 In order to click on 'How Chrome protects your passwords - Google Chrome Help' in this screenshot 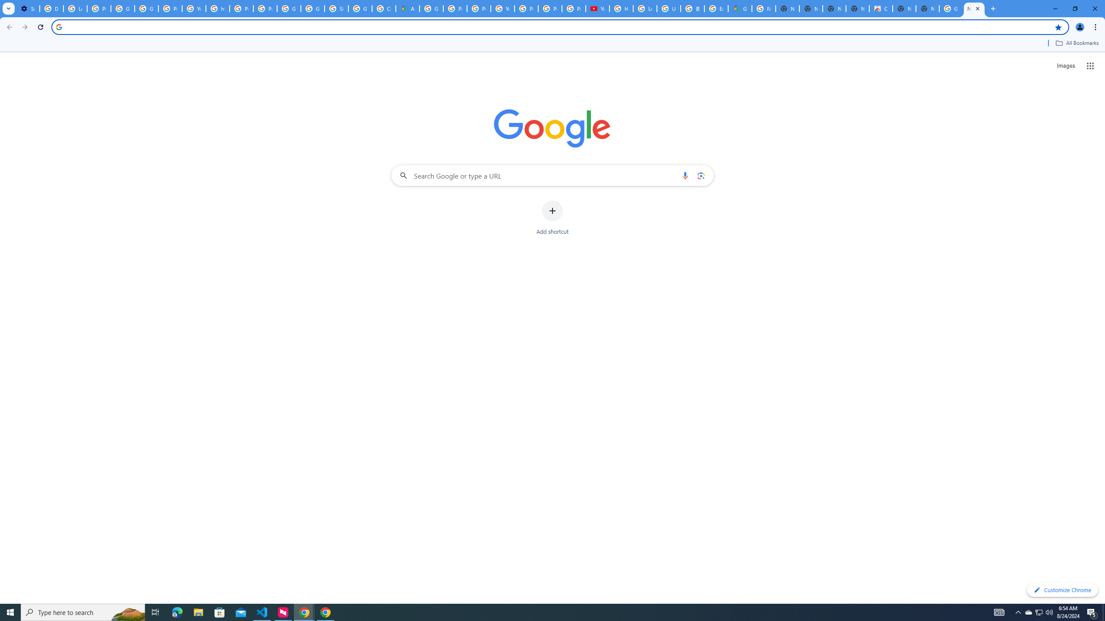, I will do `click(621, 8)`.